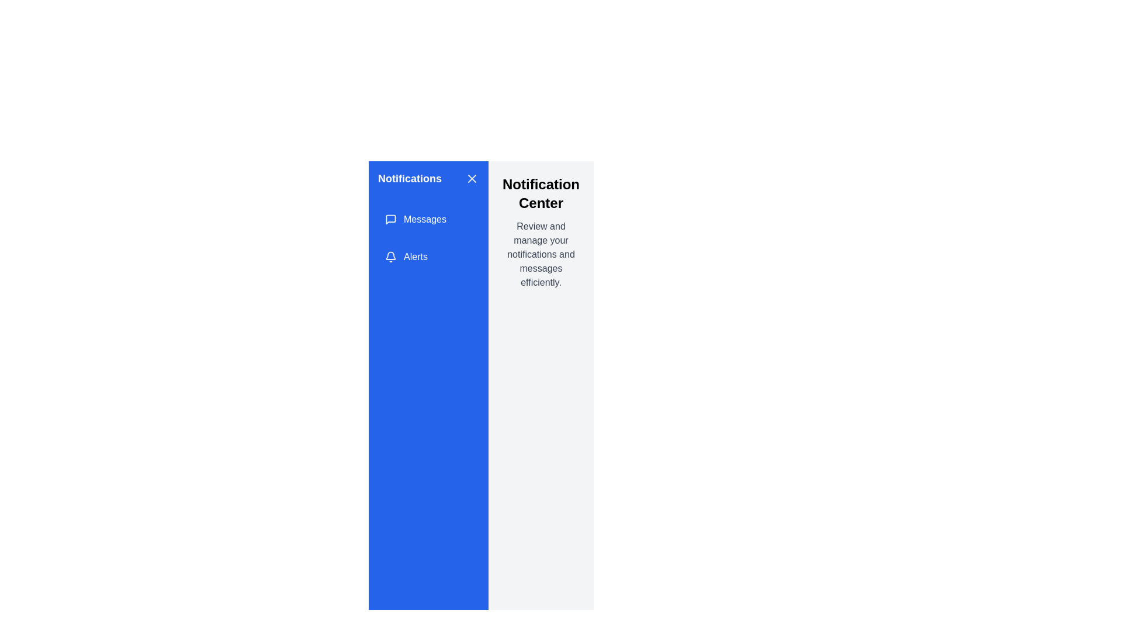 This screenshot has width=1122, height=631. I want to click on the speech bubble icon located in the left sidebar next to the 'Messages' text label, so click(390, 219).